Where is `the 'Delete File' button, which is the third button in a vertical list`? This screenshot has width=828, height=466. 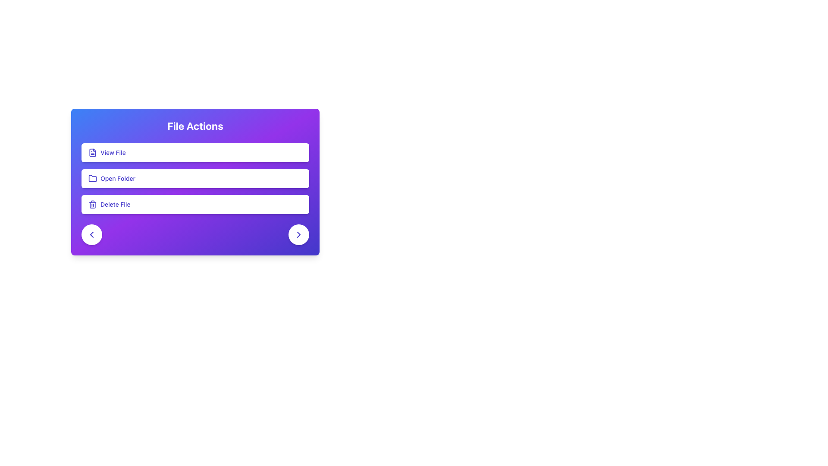 the 'Delete File' button, which is the third button in a vertical list is located at coordinates (194, 205).